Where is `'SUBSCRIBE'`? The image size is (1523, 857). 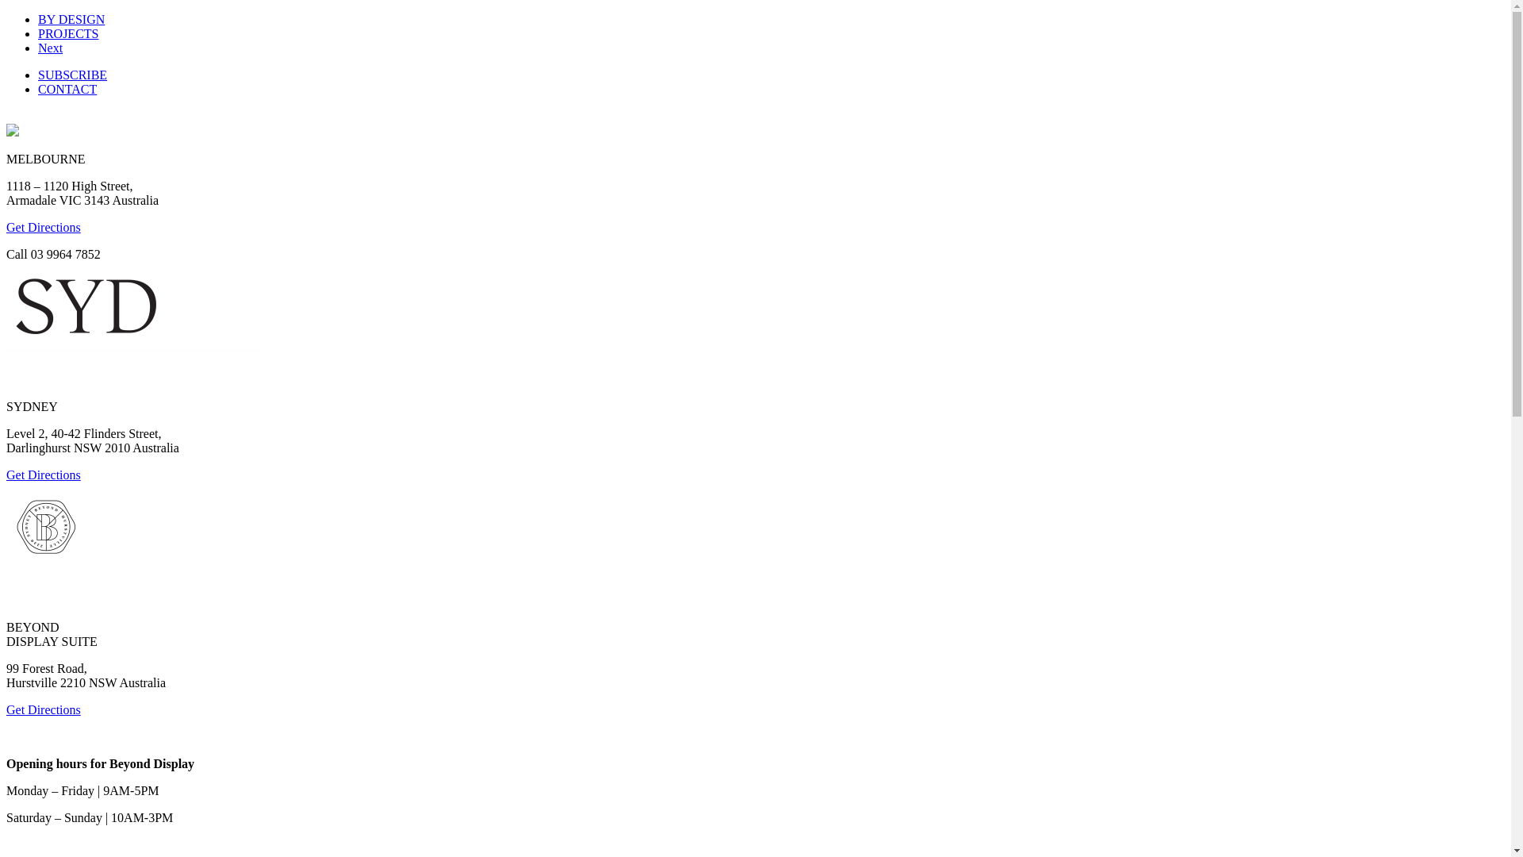
'SUBSCRIBE' is located at coordinates (71, 75).